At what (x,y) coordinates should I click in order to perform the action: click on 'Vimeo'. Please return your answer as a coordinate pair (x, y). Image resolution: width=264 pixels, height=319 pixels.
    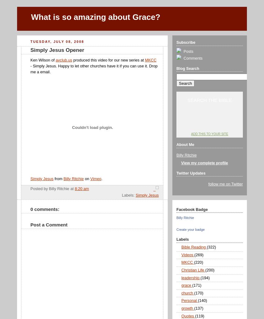
    Looking at the image, I should click on (96, 179).